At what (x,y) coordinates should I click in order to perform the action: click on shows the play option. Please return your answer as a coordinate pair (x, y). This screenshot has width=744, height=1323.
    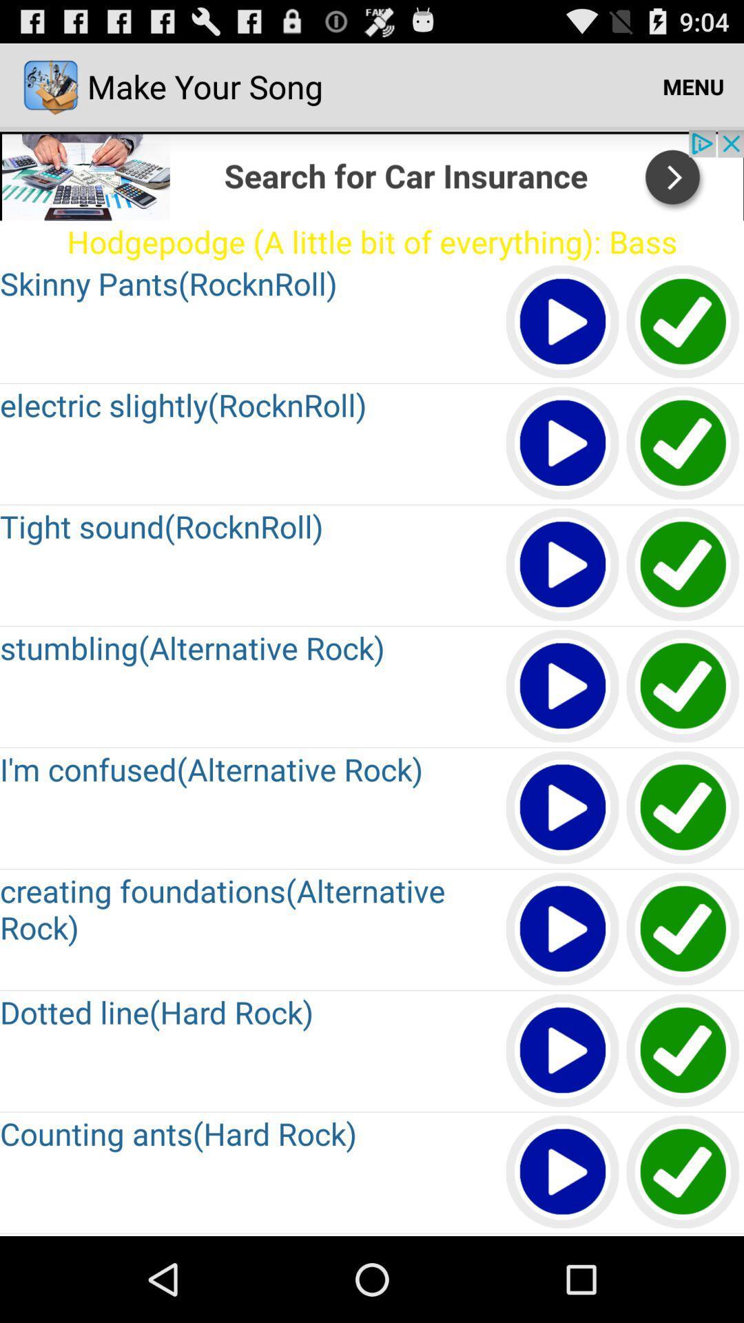
    Looking at the image, I should click on (563, 1172).